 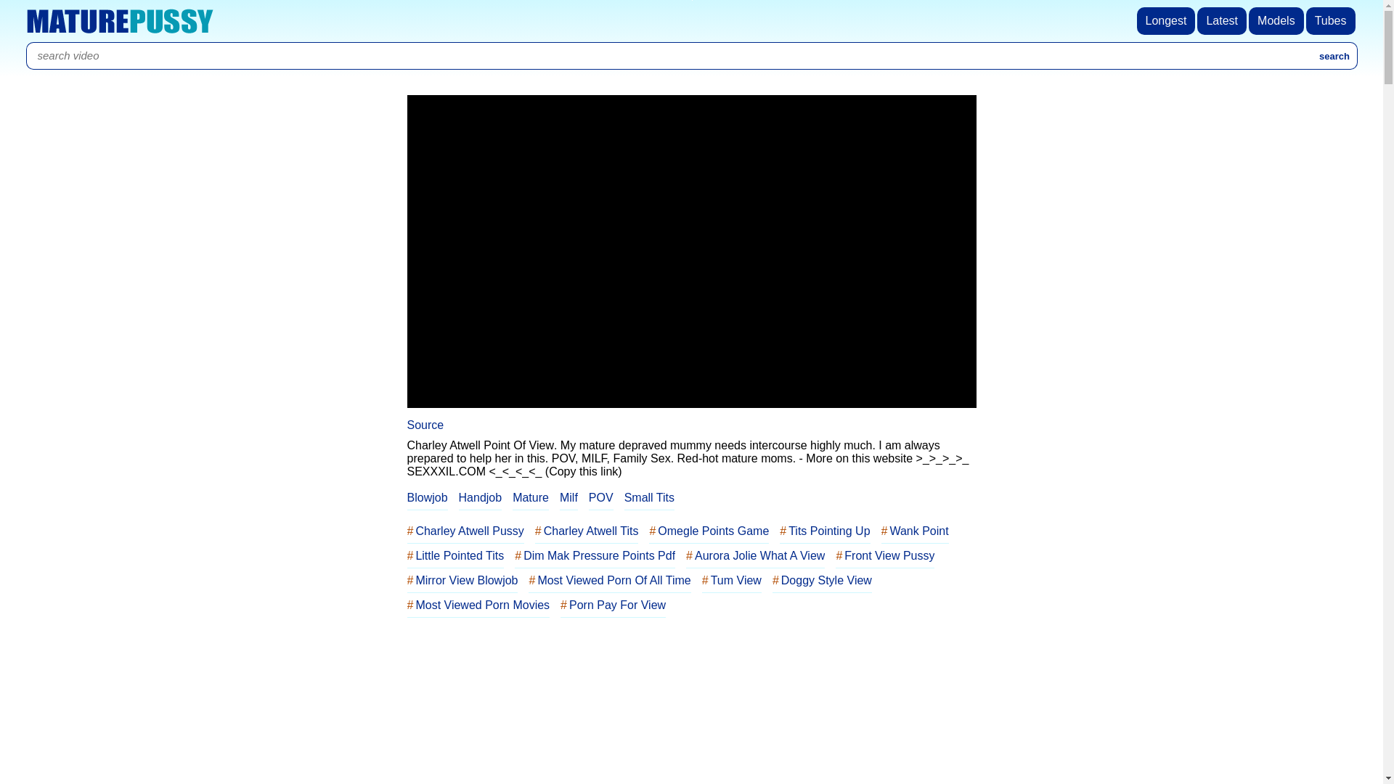 I want to click on 'Most Viewed Porn Movies', so click(x=478, y=605).